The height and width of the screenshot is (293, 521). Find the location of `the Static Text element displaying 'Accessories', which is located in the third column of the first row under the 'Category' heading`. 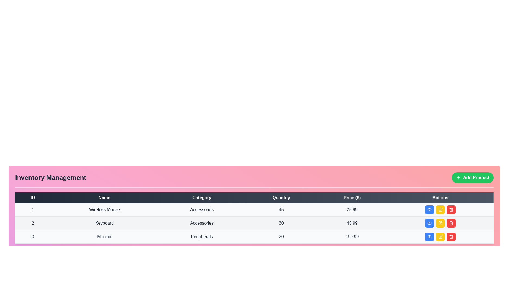

the Static Text element displaying 'Accessories', which is located in the third column of the first row under the 'Category' heading is located at coordinates (202, 209).